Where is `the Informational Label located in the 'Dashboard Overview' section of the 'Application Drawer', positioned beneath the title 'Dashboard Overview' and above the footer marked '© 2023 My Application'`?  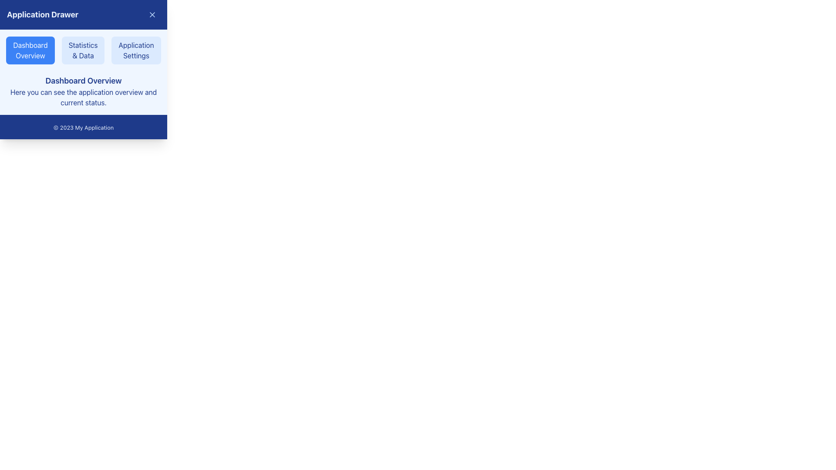
the Informational Label located in the 'Dashboard Overview' section of the 'Application Drawer', positioned beneath the title 'Dashboard Overview' and above the footer marked '© 2023 My Application' is located at coordinates (84, 97).